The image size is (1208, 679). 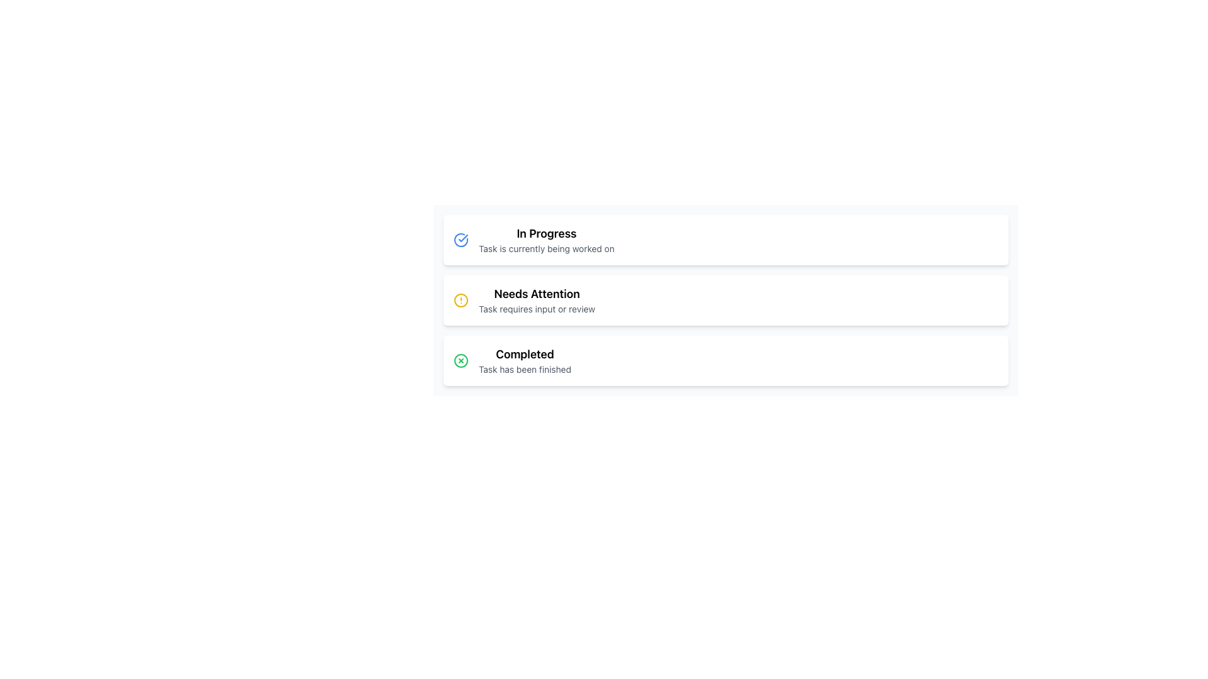 What do you see at coordinates (461, 301) in the screenshot?
I see `the circular yellow outlined alert icon located to the left of the text labels 'Needs Attention' and 'Task requires input or review'` at bounding box center [461, 301].